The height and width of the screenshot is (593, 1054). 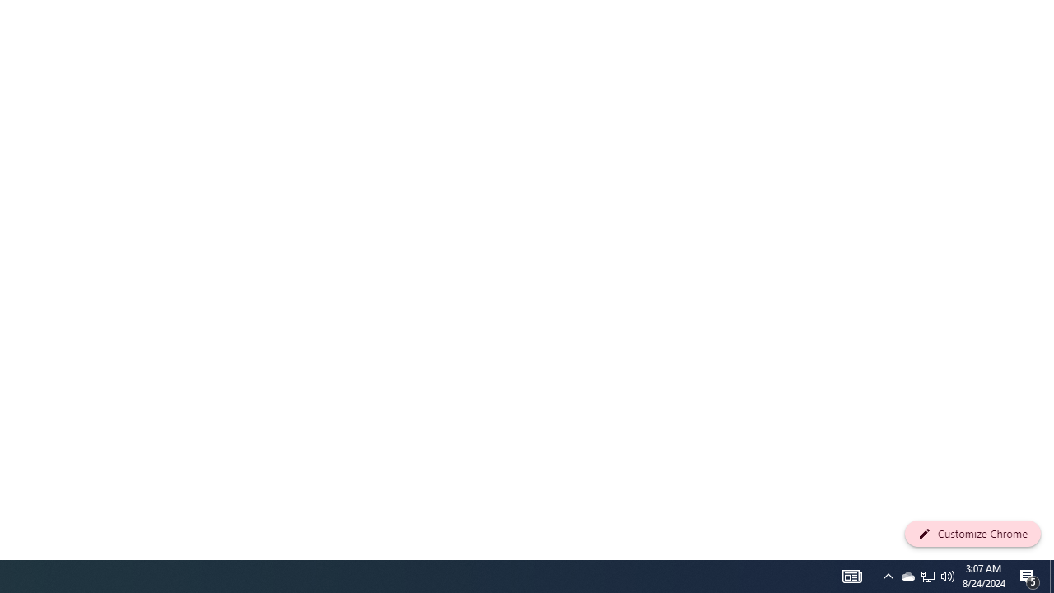 What do you see at coordinates (972, 534) in the screenshot?
I see `'Customize Chrome'` at bounding box center [972, 534].